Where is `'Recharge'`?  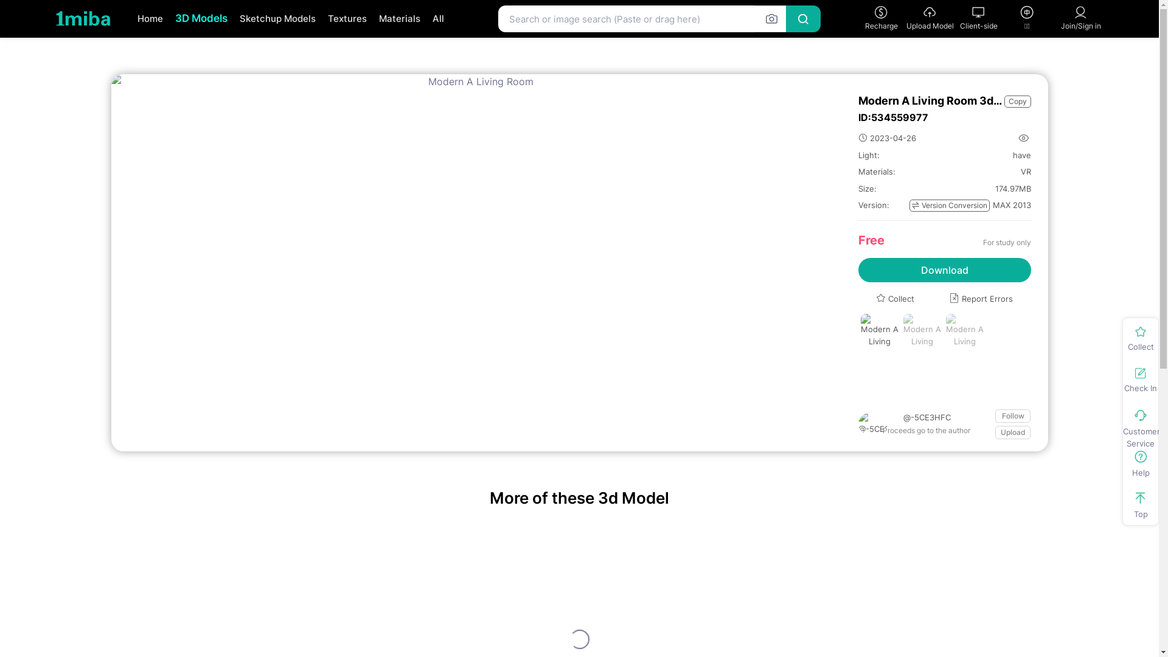
'Recharge' is located at coordinates (881, 18).